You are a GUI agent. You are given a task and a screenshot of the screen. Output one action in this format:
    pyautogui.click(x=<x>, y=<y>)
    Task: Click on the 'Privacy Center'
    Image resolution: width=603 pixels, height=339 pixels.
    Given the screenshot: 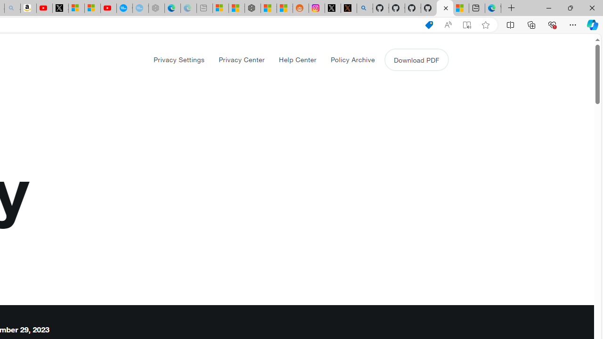 What is the action you would take?
    pyautogui.click(x=242, y=59)
    